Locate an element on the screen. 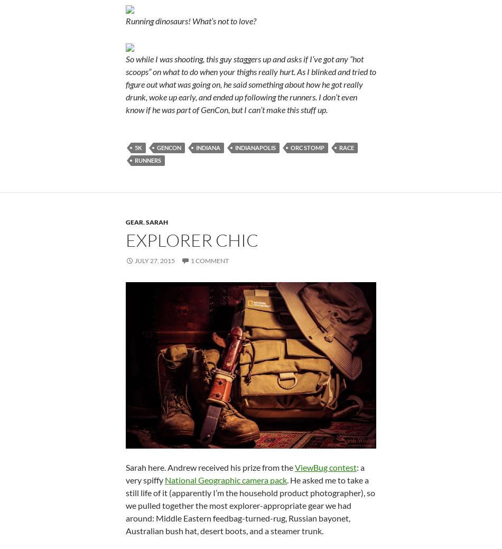 This screenshot has width=502, height=549. 'indiana' is located at coordinates (207, 147).